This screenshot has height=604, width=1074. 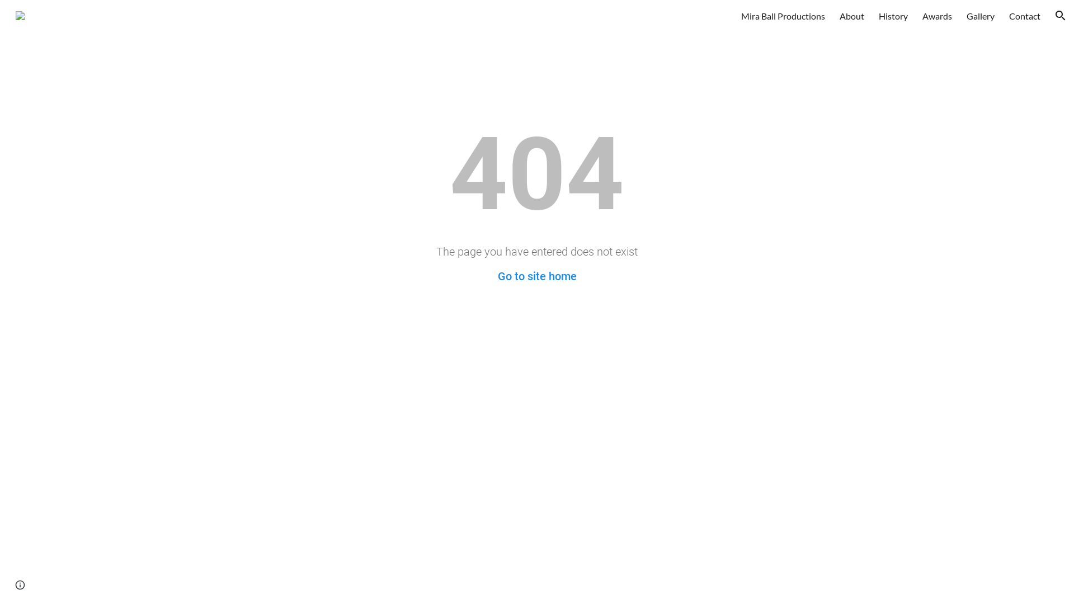 I want to click on 'Go to site home', so click(x=537, y=276).